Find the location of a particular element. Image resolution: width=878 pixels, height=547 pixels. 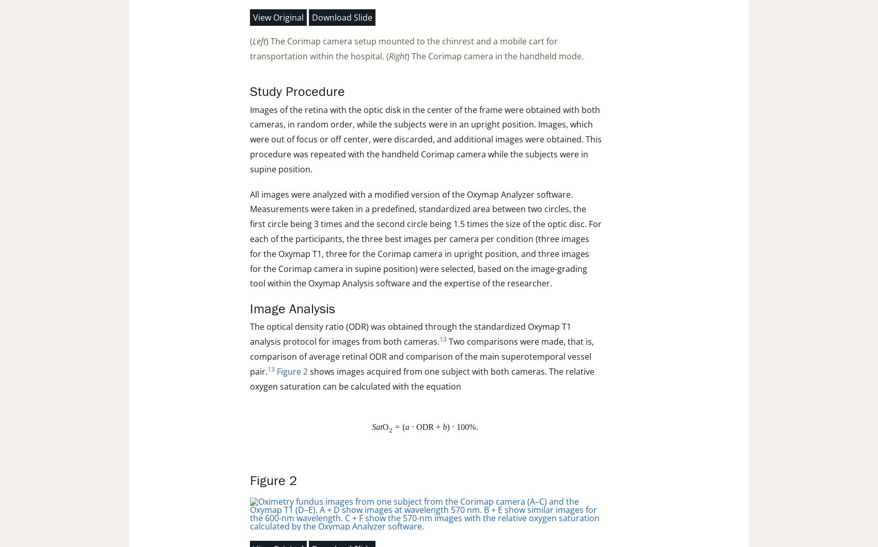

'S' is located at coordinates (371, 427).